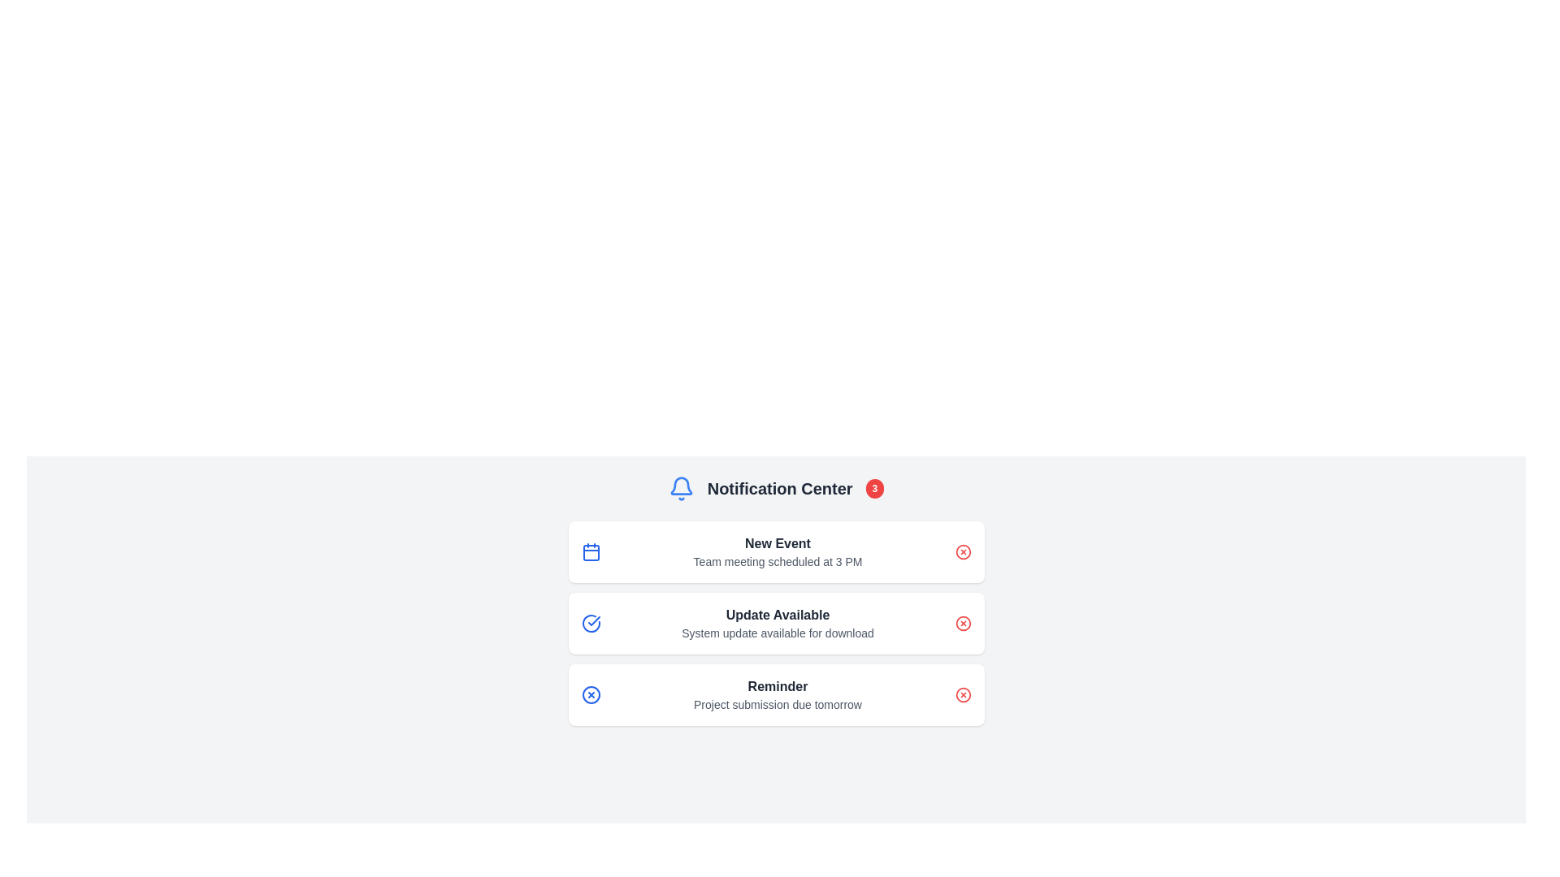 This screenshot has width=1560, height=877. Describe the element at coordinates (775, 622) in the screenshot. I see `the second notification card in the Notification Center that informs the user about a system update` at that location.